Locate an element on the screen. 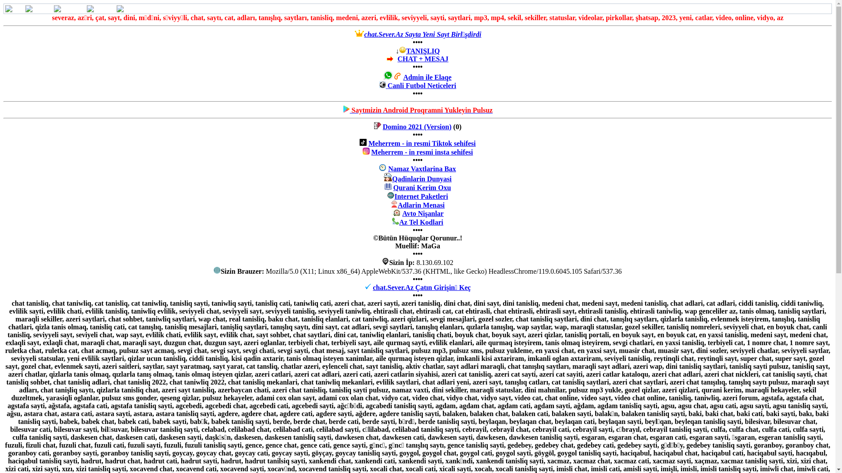 The height and width of the screenshot is (473, 842). 'Internet Paketleri' is located at coordinates (421, 196).